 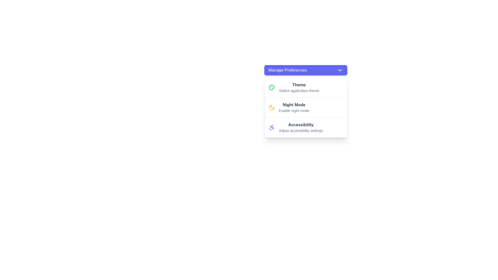 I want to click on the moon-shaped icon styled with yellow color located in the list item labeled 'Night Mode - Enable night mode' within the dropdown menu under 'Manage Preferences', so click(x=271, y=107).